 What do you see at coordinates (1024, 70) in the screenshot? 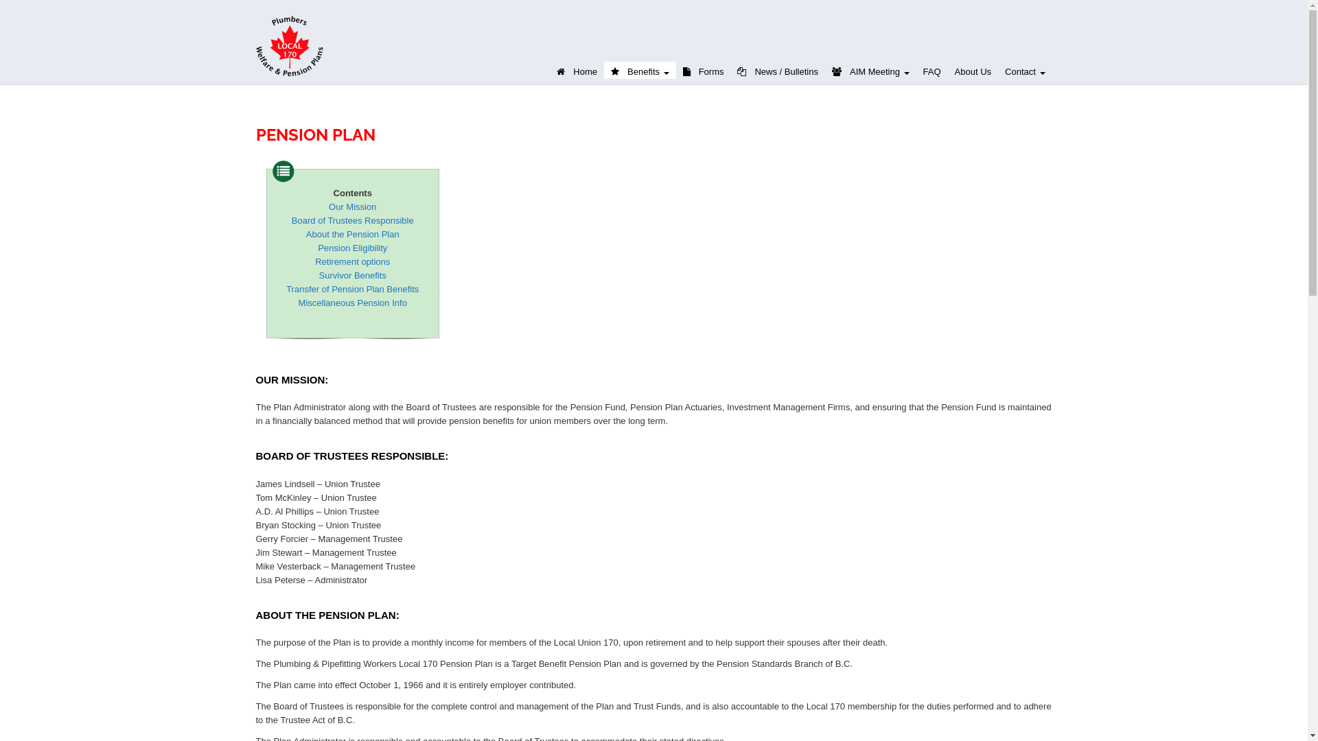
I see `'Contact'` at bounding box center [1024, 70].